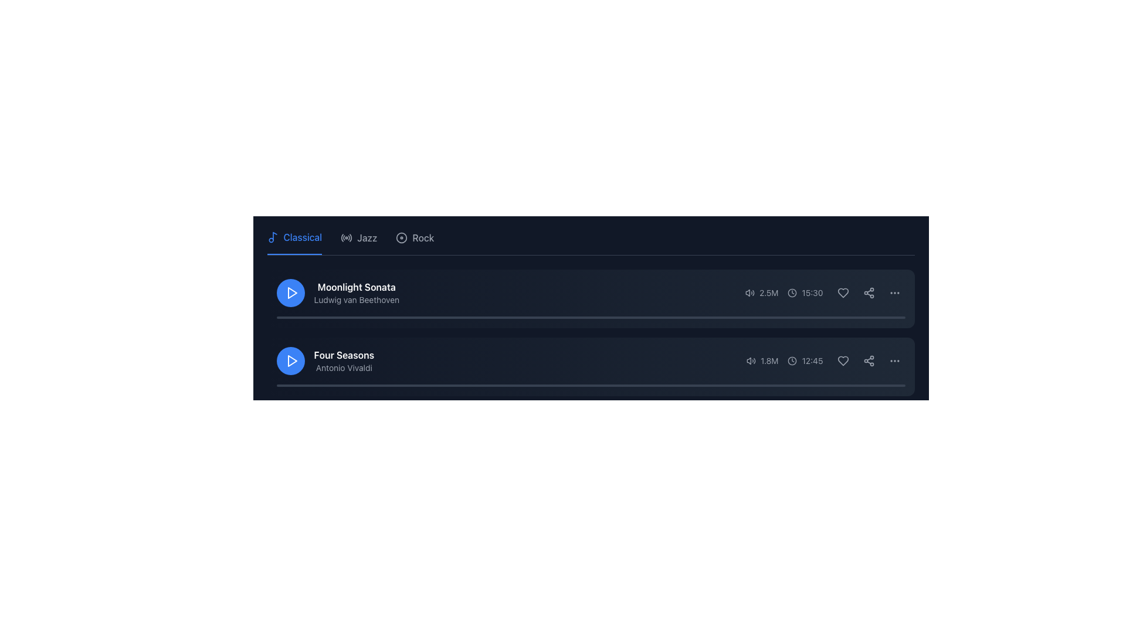  What do you see at coordinates (842, 360) in the screenshot?
I see `the heart icon button located in the right-most section of the row for the 'Four Seasons' track to mark it as a favorite` at bounding box center [842, 360].